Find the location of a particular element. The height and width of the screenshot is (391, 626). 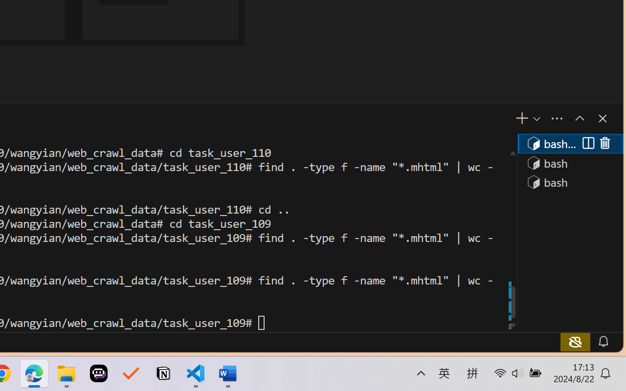

'Maximize Panel Size' is located at coordinates (579, 118).